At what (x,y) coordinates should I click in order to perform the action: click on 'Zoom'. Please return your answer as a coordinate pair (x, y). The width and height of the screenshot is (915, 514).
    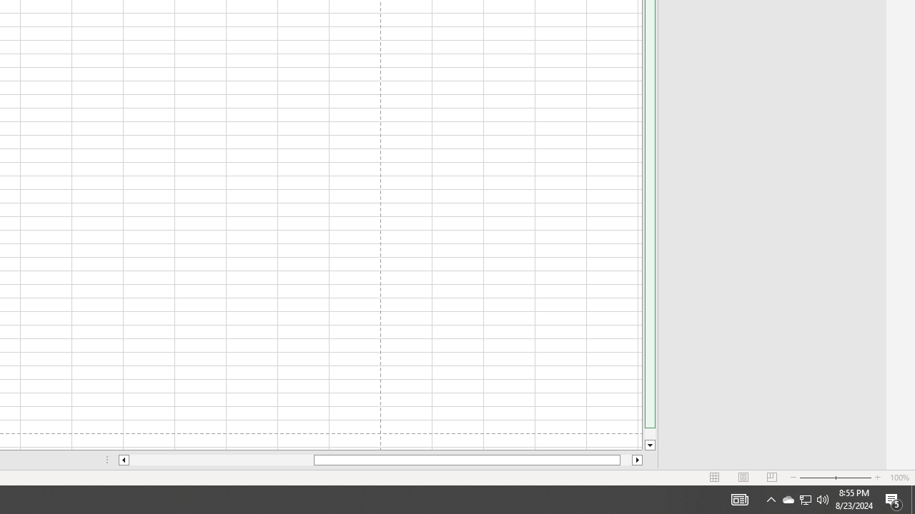
    Looking at the image, I should click on (835, 478).